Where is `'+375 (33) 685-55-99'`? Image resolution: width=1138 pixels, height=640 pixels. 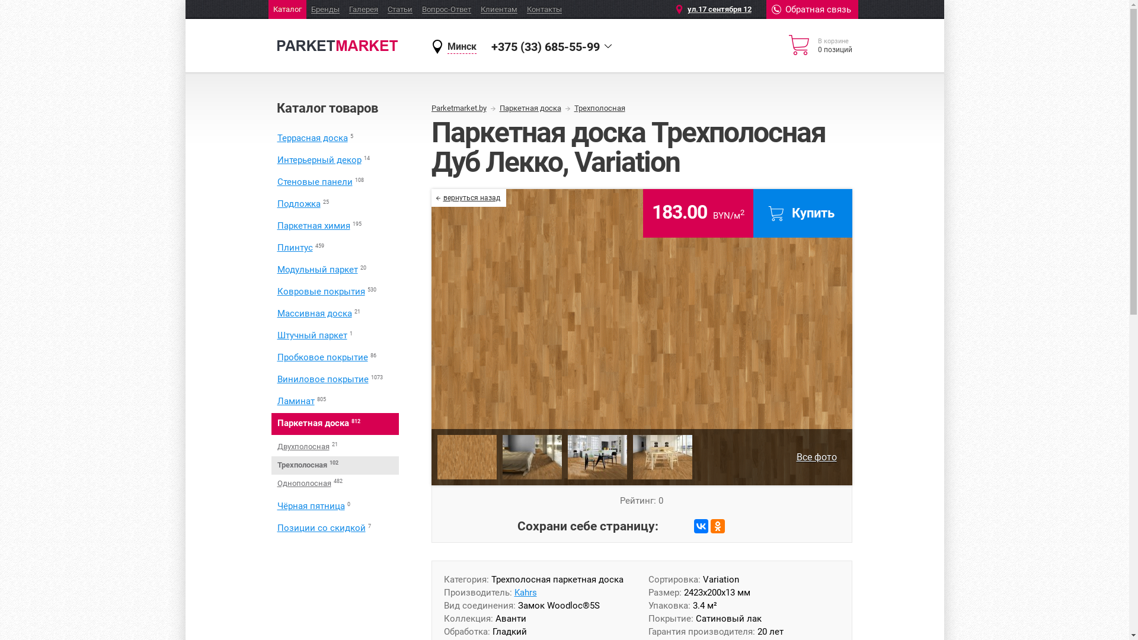 '+375 (33) 685-55-99' is located at coordinates (544, 46).